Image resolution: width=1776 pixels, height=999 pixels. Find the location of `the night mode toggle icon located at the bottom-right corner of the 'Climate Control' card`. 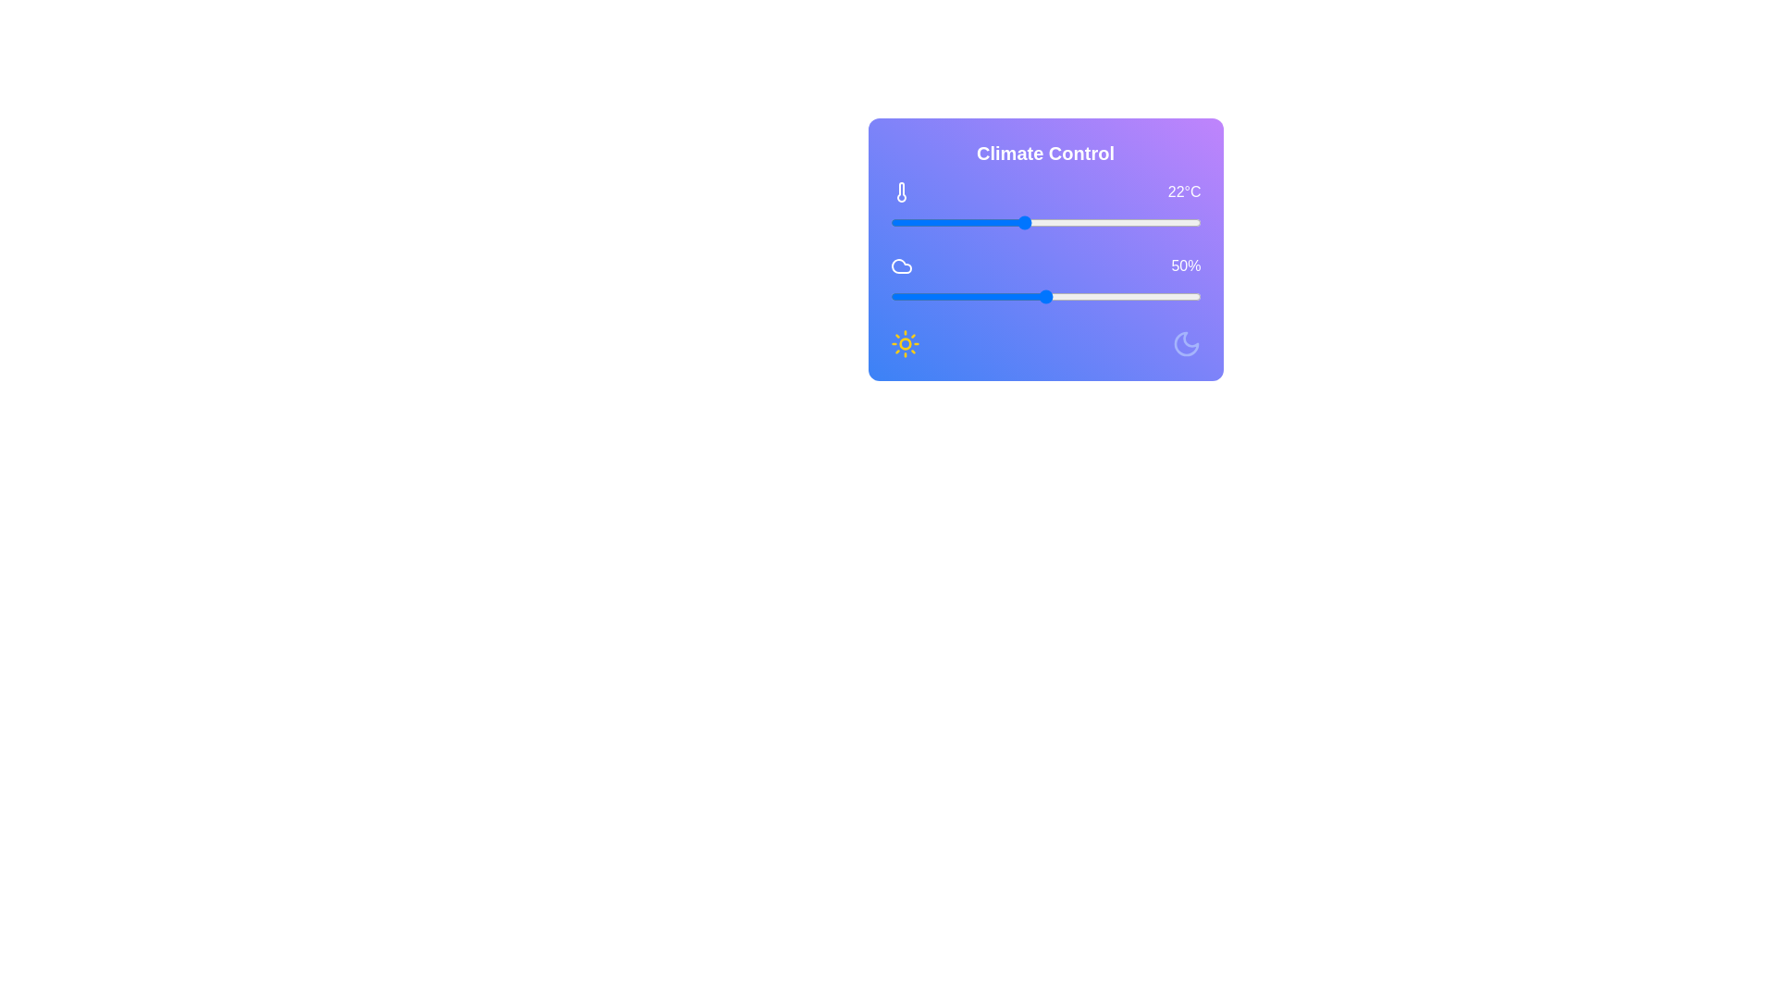

the night mode toggle icon located at the bottom-right corner of the 'Climate Control' card is located at coordinates (1186, 343).